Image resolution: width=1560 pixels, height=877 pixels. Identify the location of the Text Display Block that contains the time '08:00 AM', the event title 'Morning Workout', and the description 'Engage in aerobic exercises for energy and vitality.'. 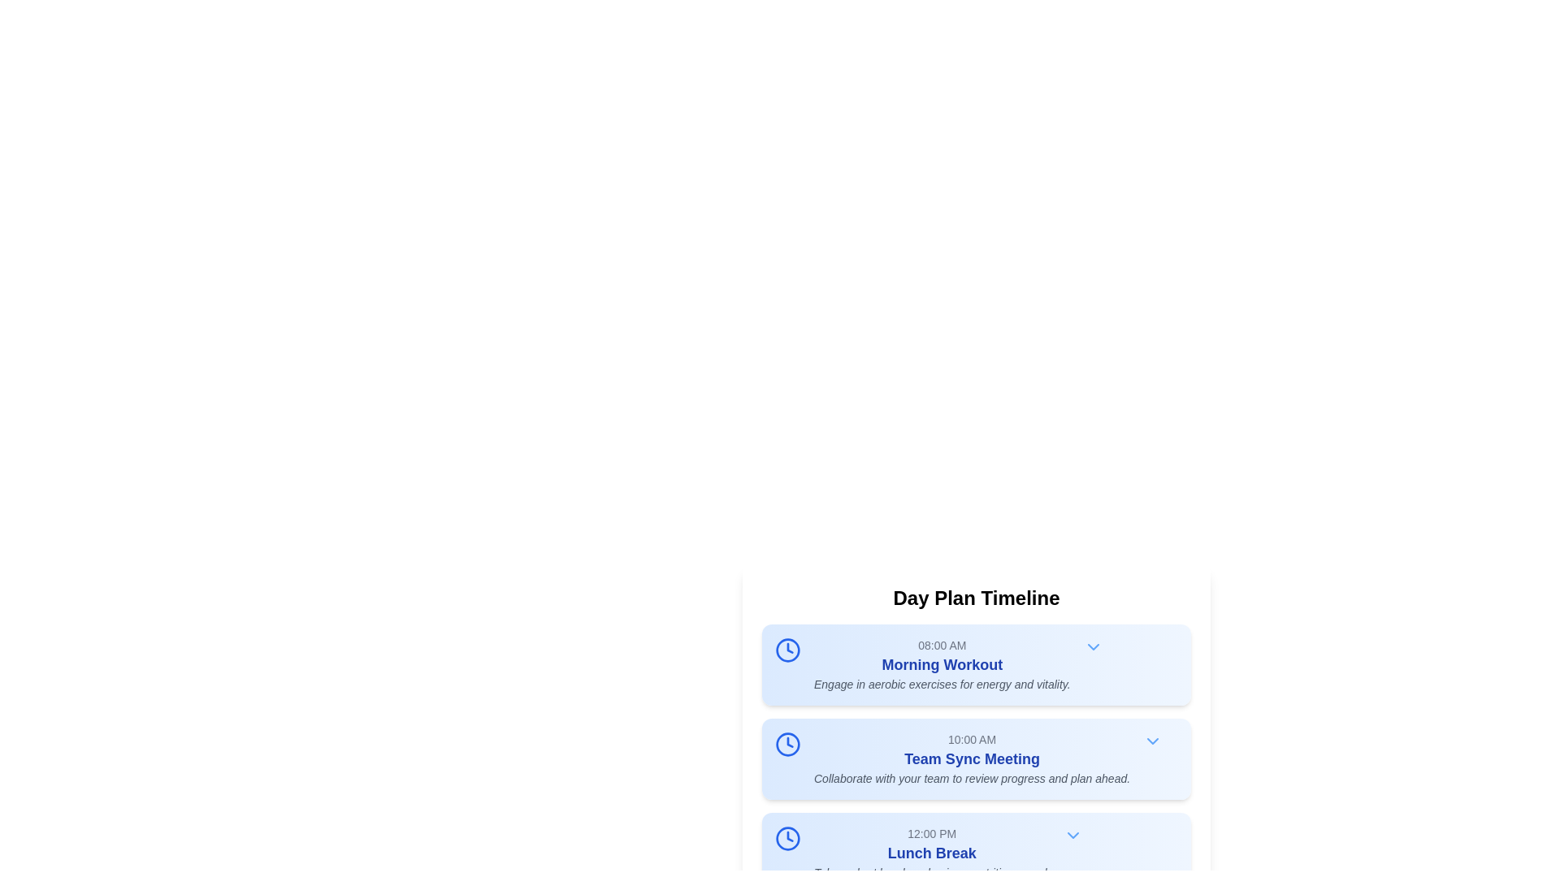
(942, 664).